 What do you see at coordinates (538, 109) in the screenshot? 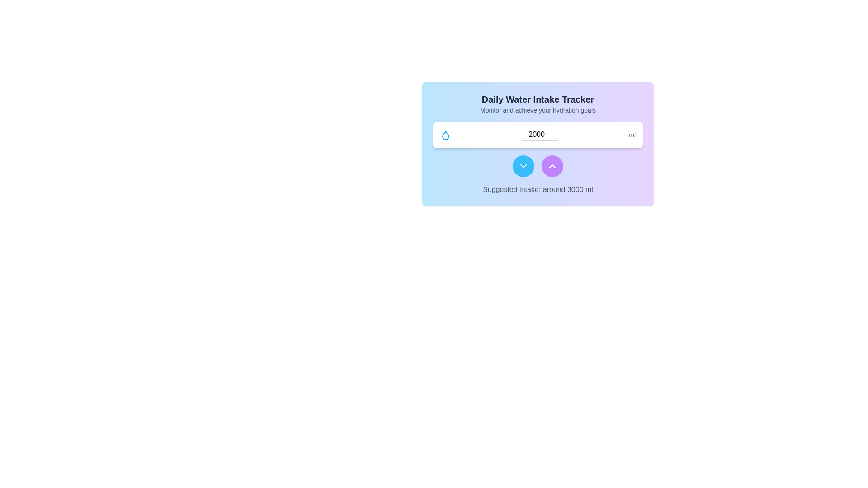
I see `the static text label that reads 'Monitor and achieve your hydration goals', which is centrally aligned beneath the heading 'Daily Water Intake Tracker'` at bounding box center [538, 109].